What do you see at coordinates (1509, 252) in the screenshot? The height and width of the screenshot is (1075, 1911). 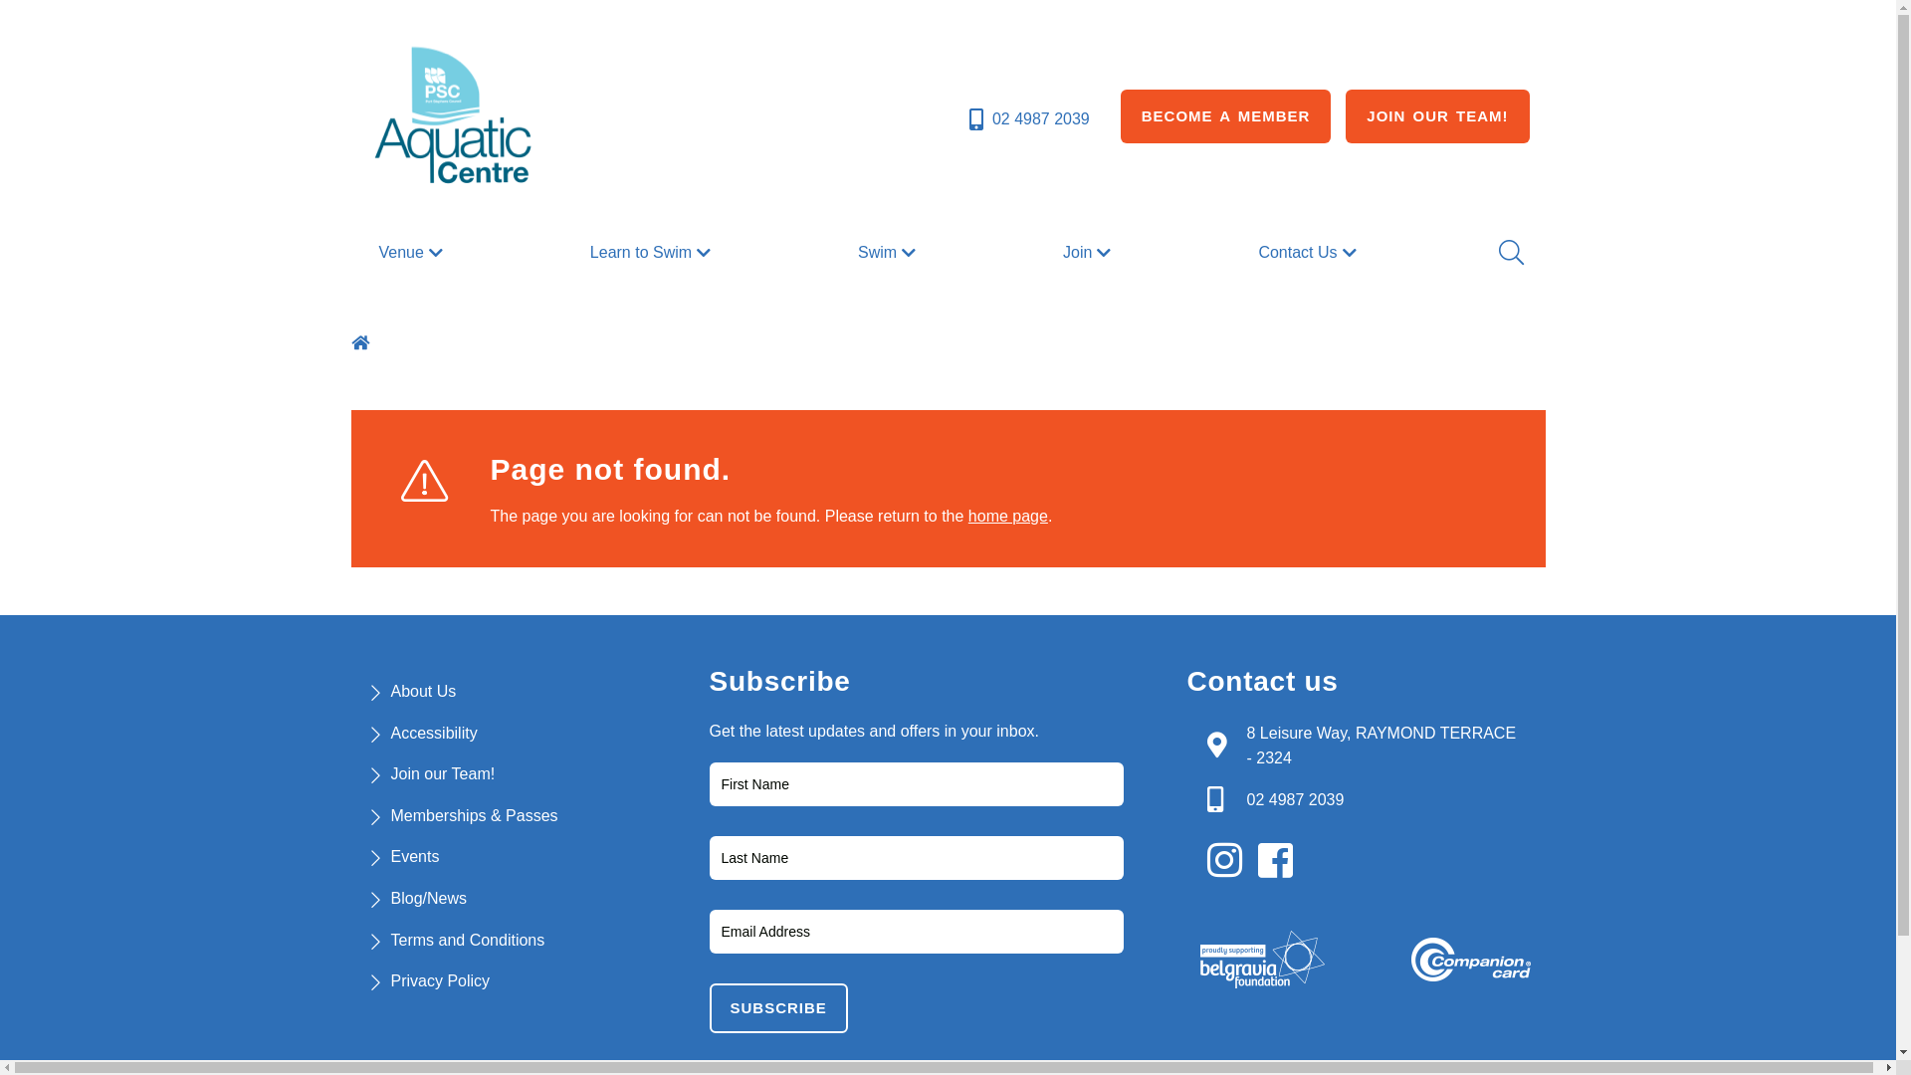 I see `'Search'` at bounding box center [1509, 252].